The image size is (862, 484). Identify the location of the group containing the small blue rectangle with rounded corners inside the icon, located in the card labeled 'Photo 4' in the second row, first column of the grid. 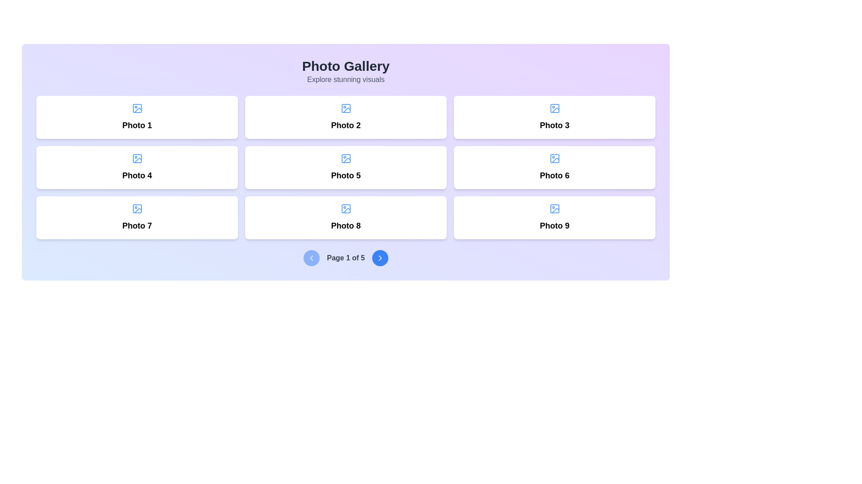
(136, 158).